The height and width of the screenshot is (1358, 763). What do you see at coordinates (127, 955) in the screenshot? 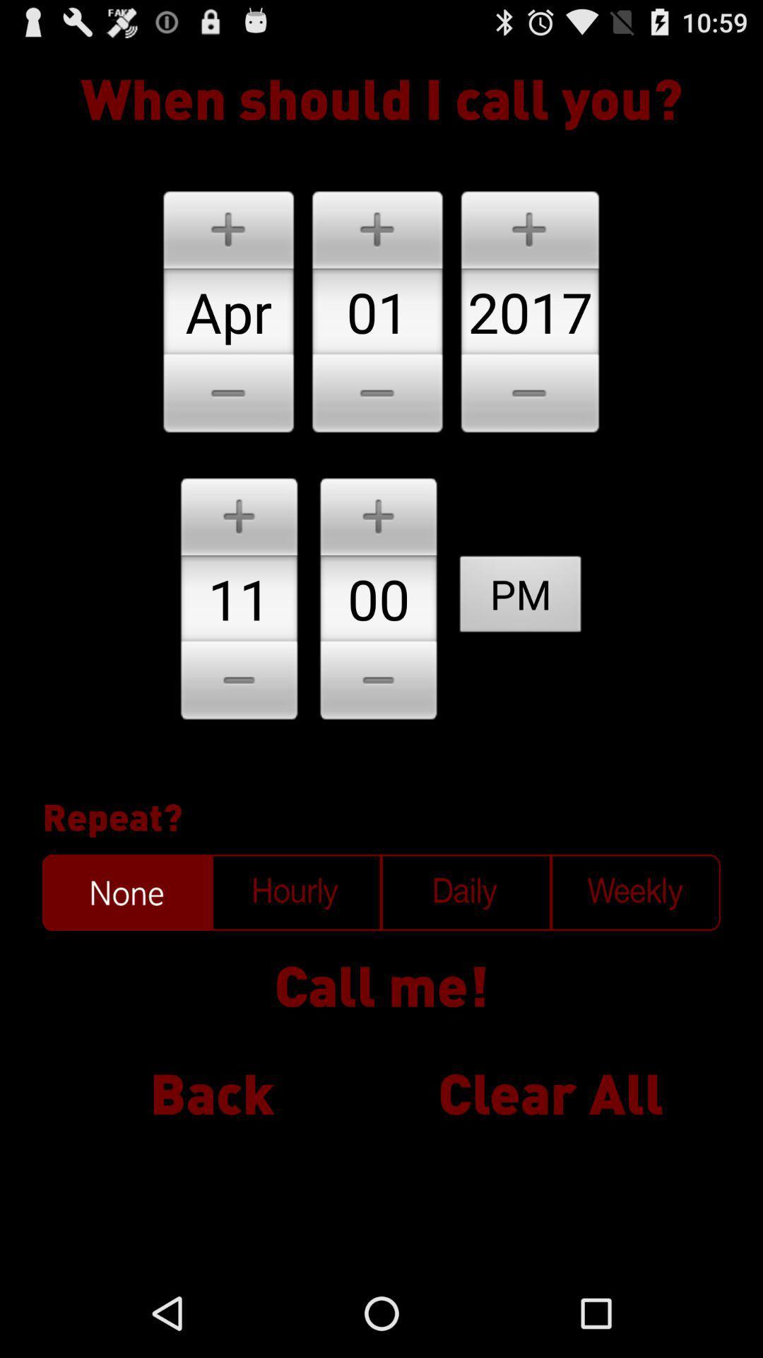
I see `the date_range icon` at bounding box center [127, 955].